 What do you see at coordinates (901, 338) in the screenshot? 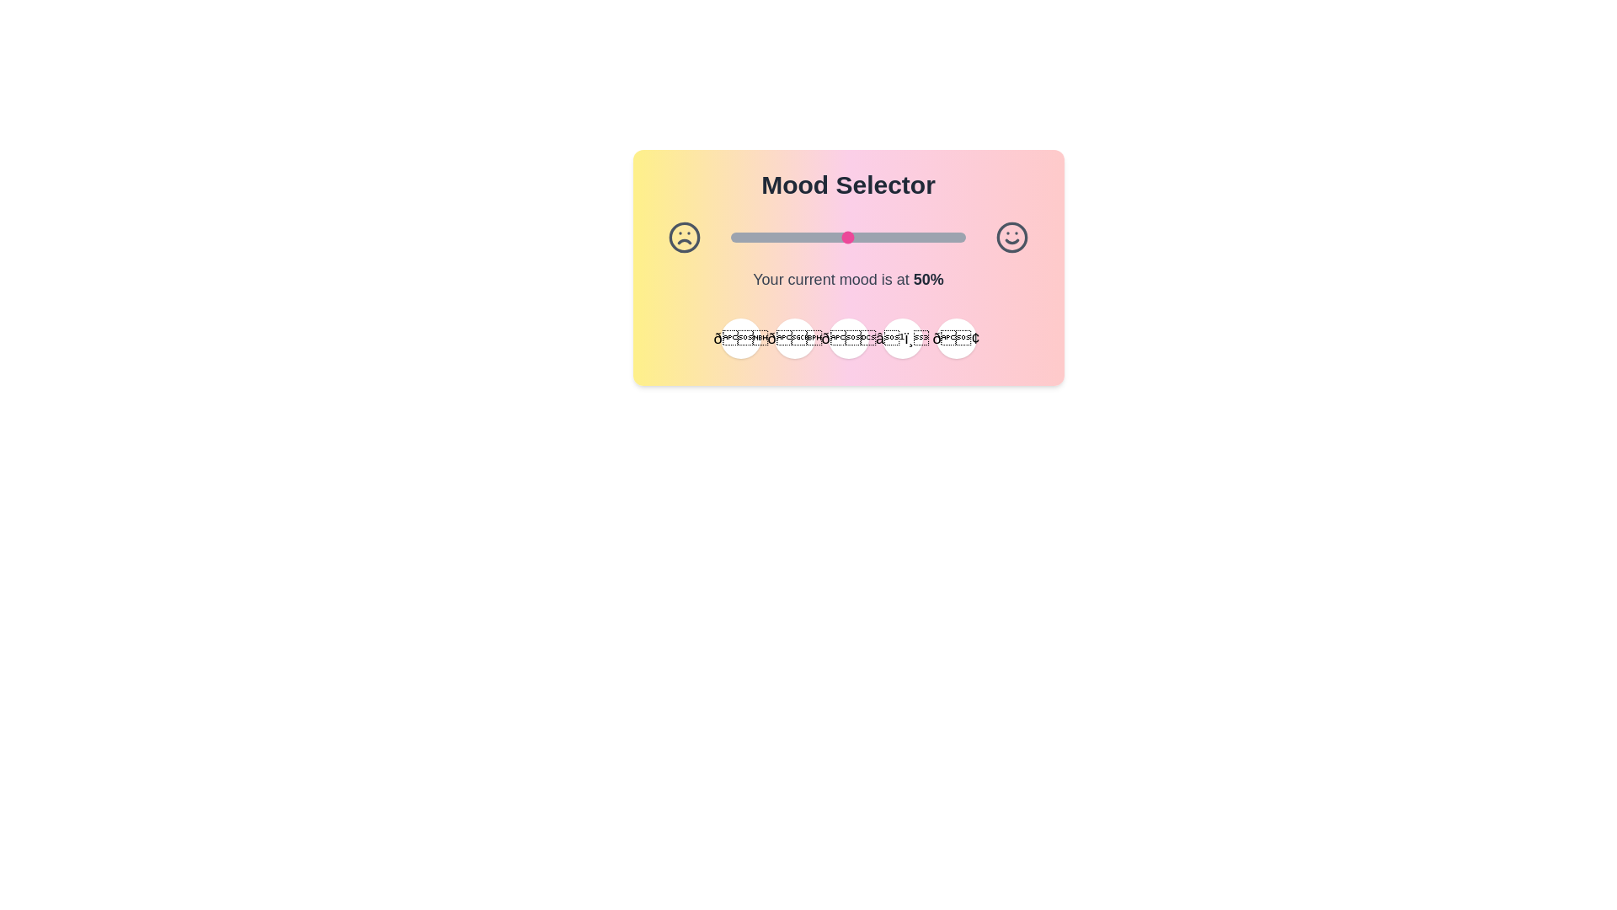
I see `the emoji button corresponding to ☹️` at bounding box center [901, 338].